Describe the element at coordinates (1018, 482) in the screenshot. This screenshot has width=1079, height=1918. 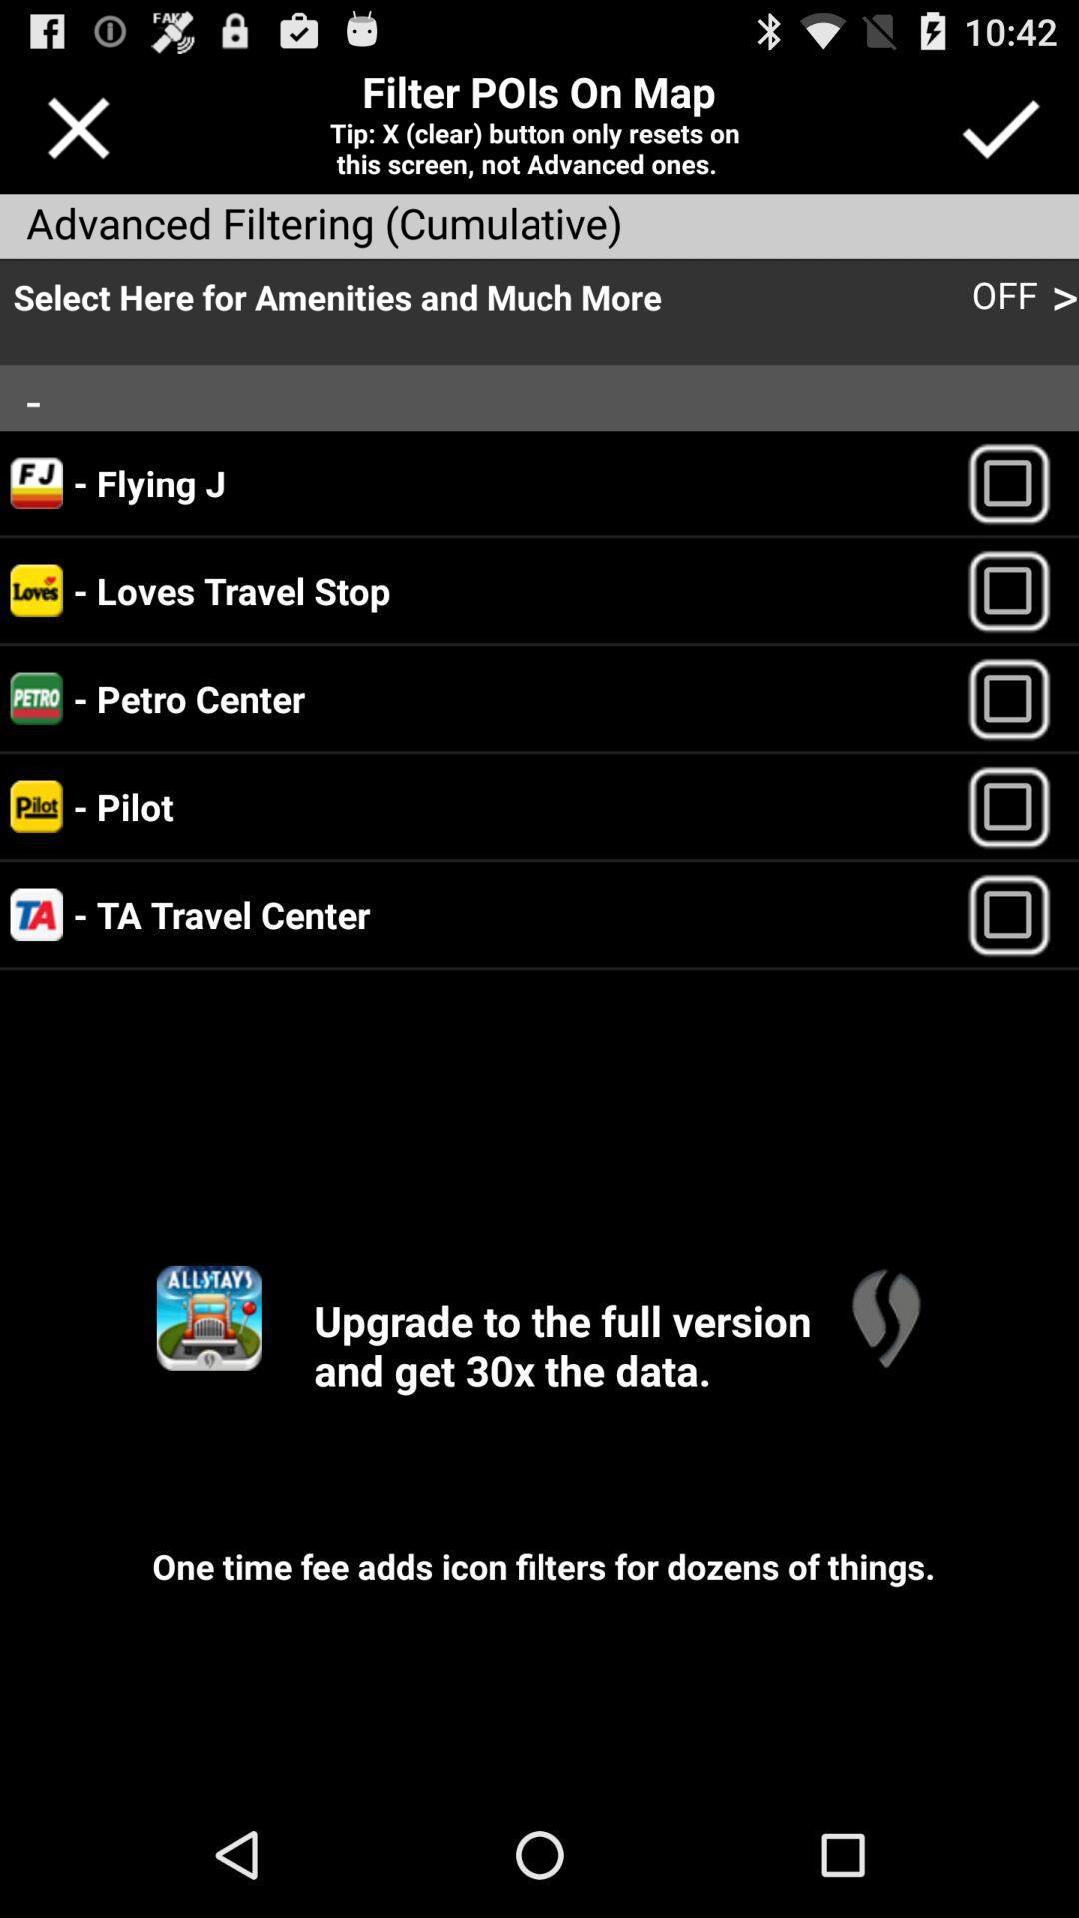
I see `location` at that location.